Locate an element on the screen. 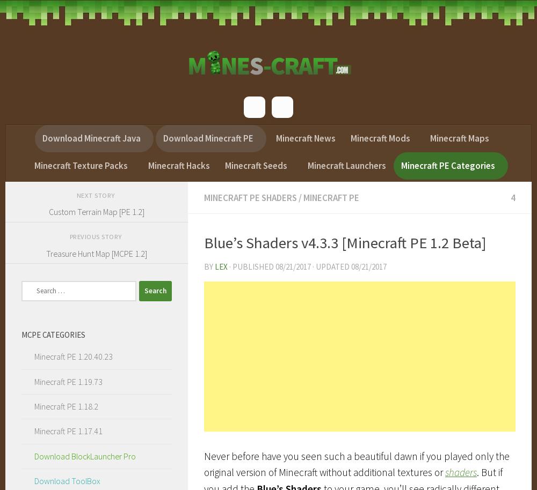  'Download ToolBox' is located at coordinates (67, 480).